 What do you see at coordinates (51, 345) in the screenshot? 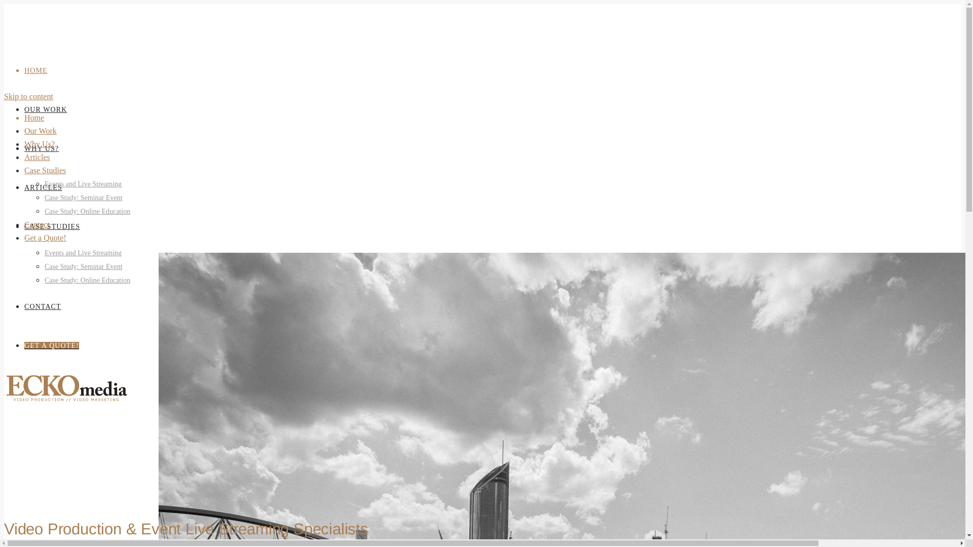
I see `'GET A QUOTE!'` at bounding box center [51, 345].